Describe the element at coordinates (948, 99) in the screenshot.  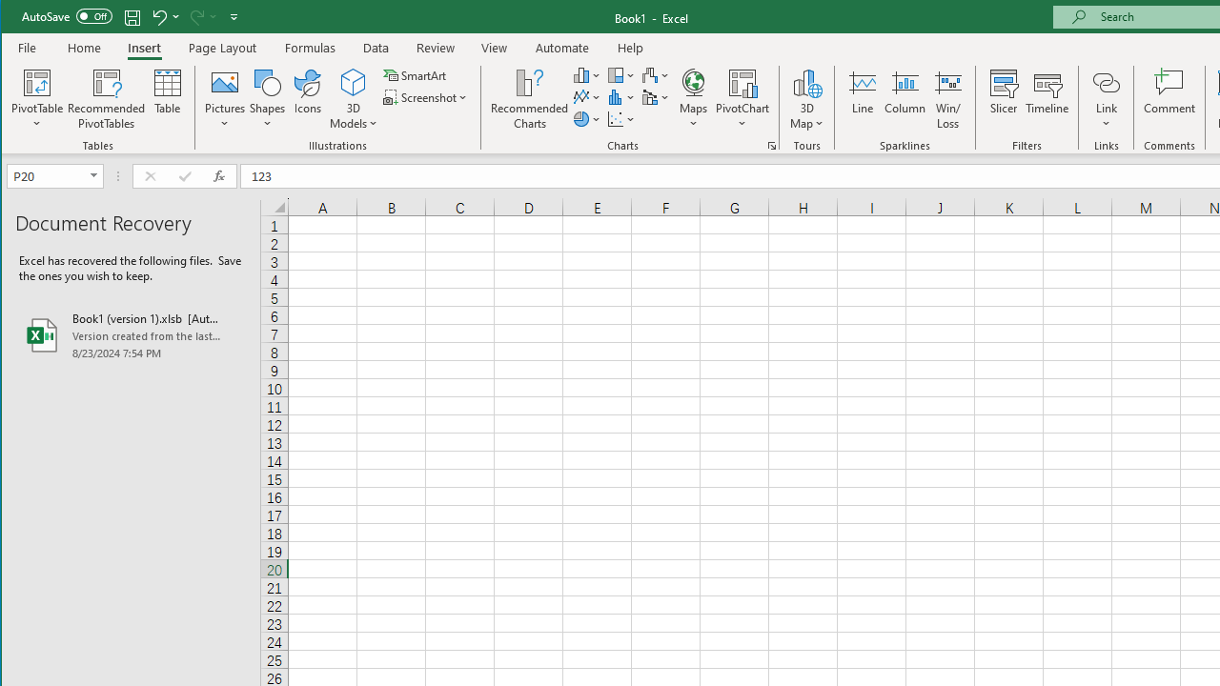
I see `'Win/Loss'` at that location.